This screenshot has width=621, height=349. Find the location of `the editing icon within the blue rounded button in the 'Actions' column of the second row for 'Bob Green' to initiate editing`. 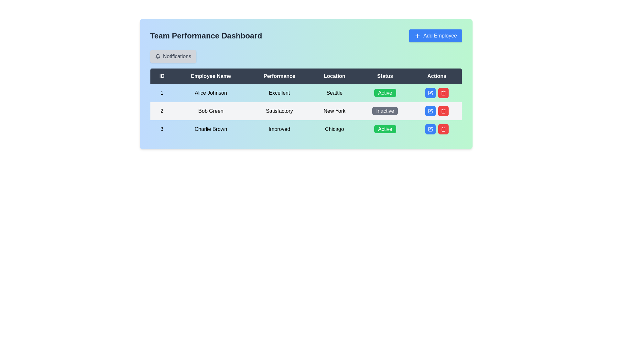

the editing icon within the blue rounded button in the 'Actions' column of the second row for 'Bob Green' to initiate editing is located at coordinates (430, 93).